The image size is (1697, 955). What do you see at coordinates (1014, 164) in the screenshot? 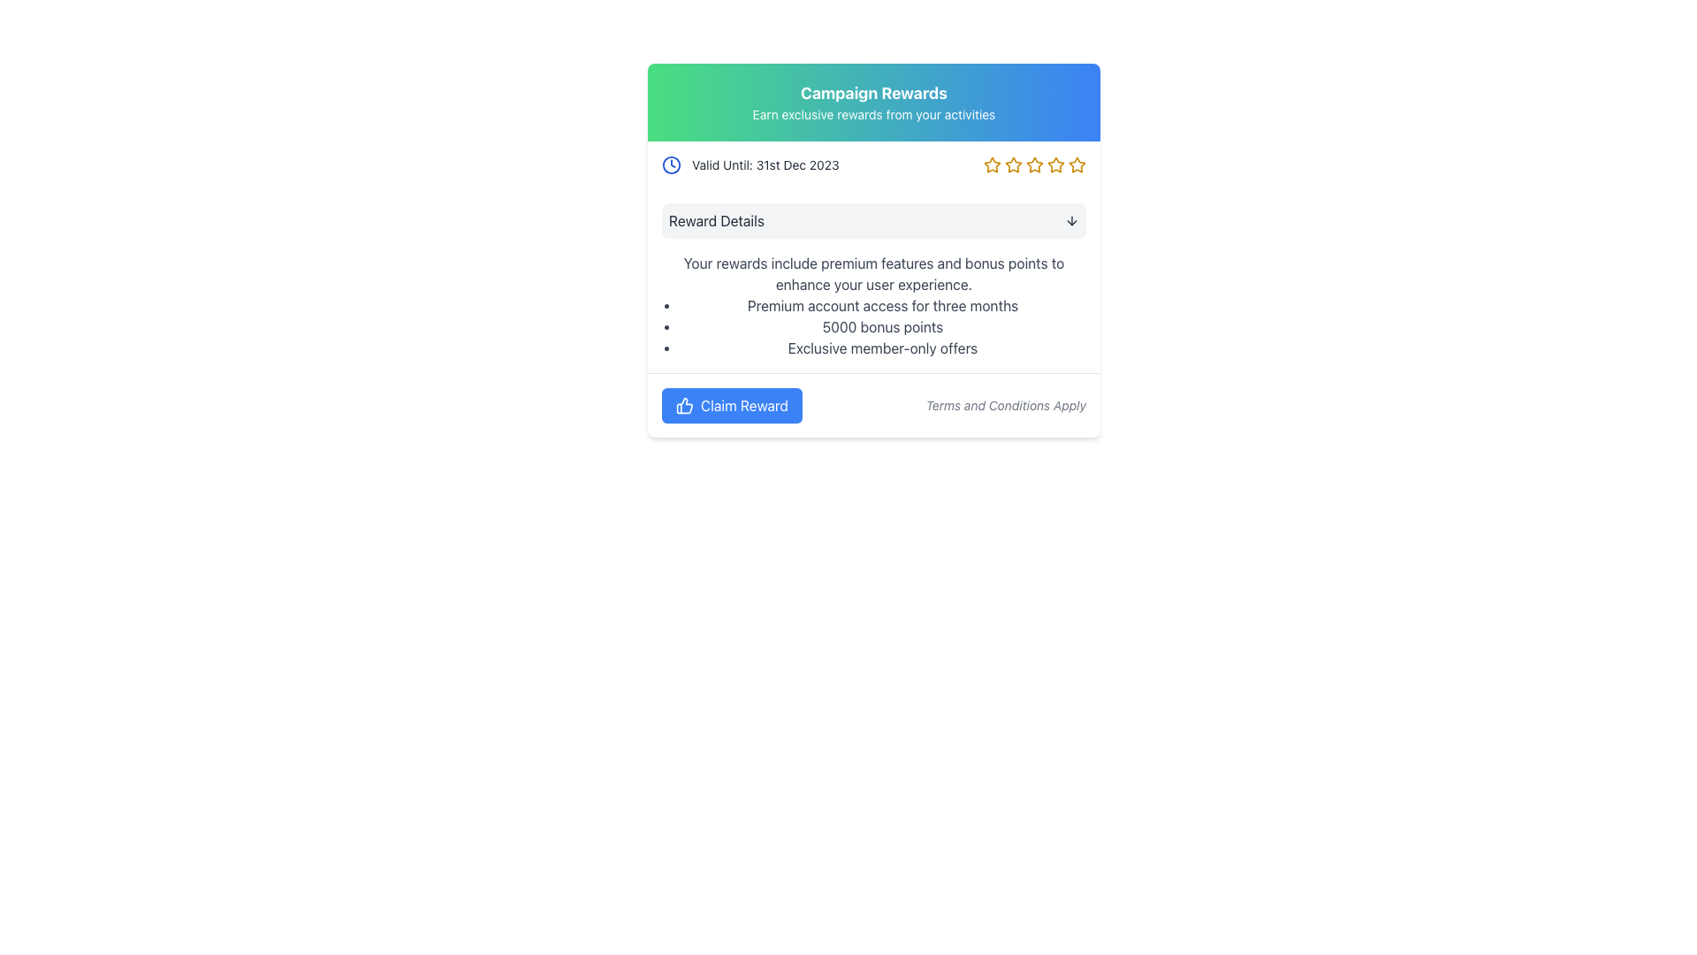
I see `the second star in the five-star rating system located in the top right section of the 'Campaign Rewards' card` at bounding box center [1014, 164].